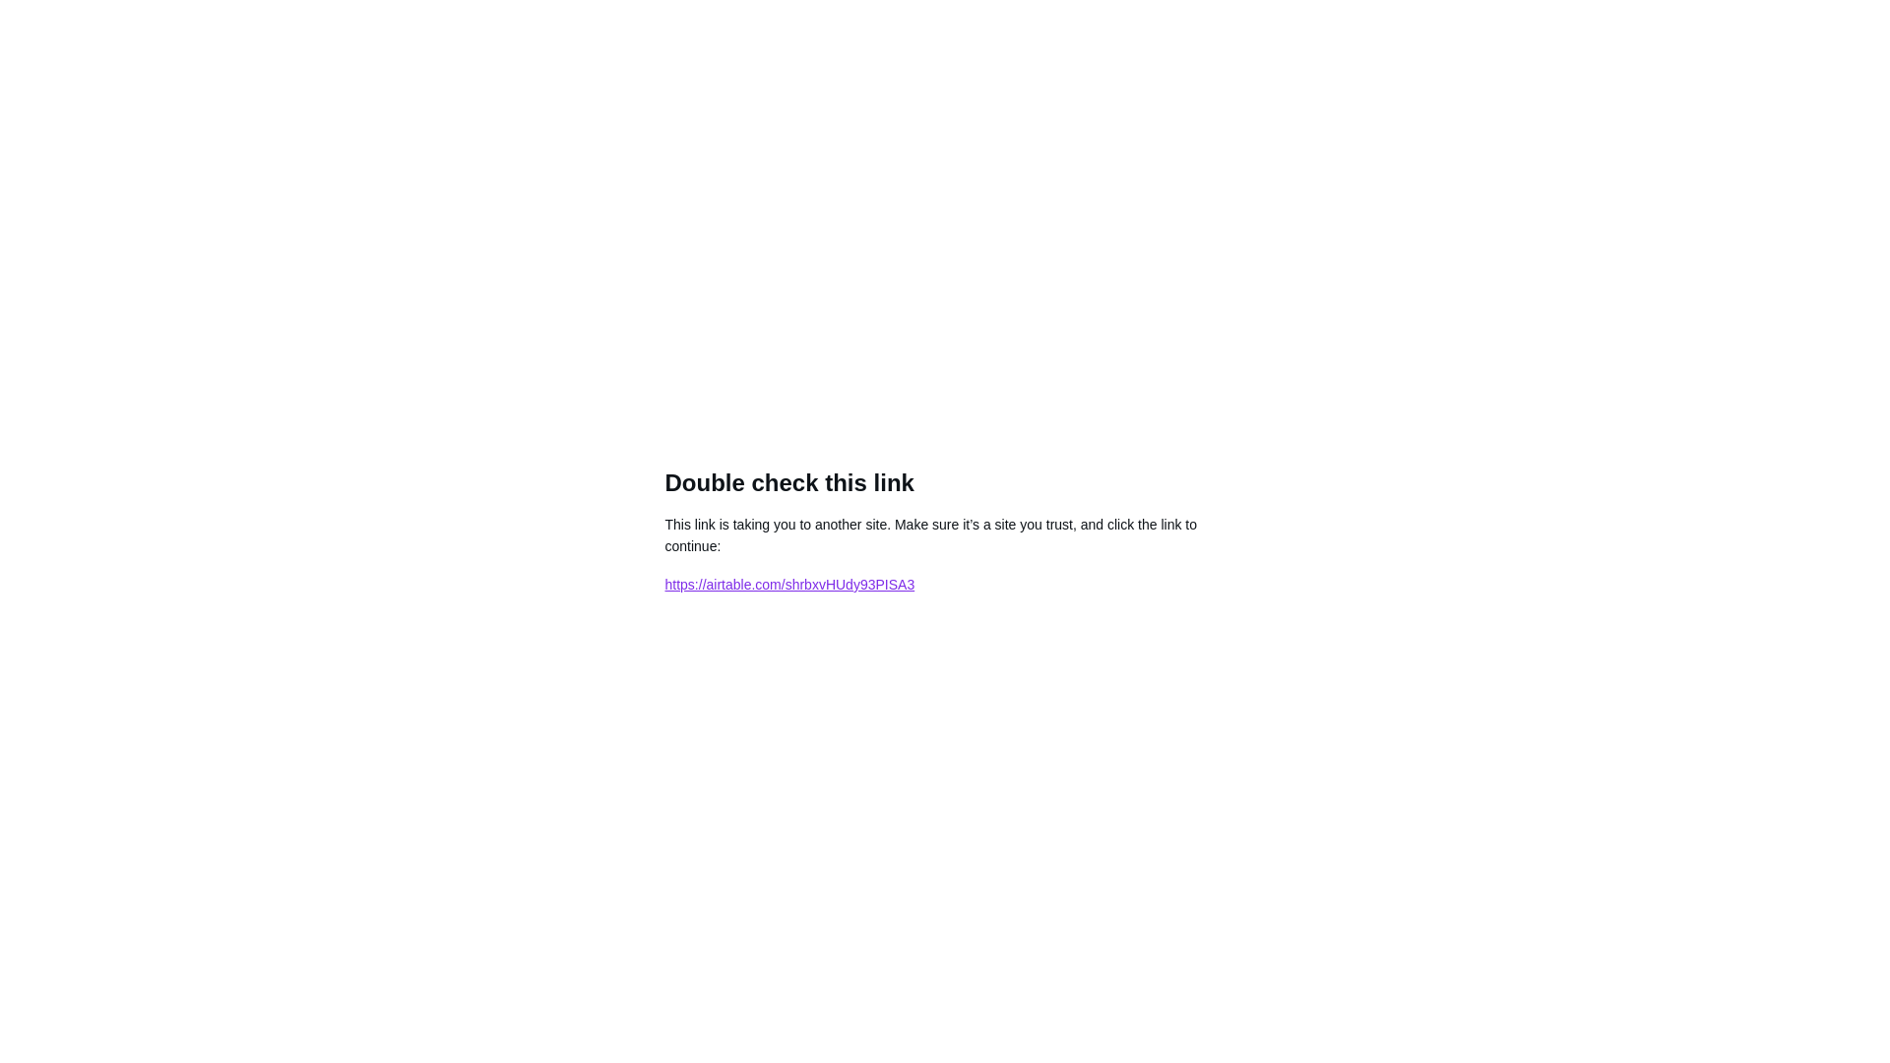 The width and height of the screenshot is (1890, 1063). I want to click on 'https://airtable.com/shrbxvHUdy93PISA3', so click(789, 584).